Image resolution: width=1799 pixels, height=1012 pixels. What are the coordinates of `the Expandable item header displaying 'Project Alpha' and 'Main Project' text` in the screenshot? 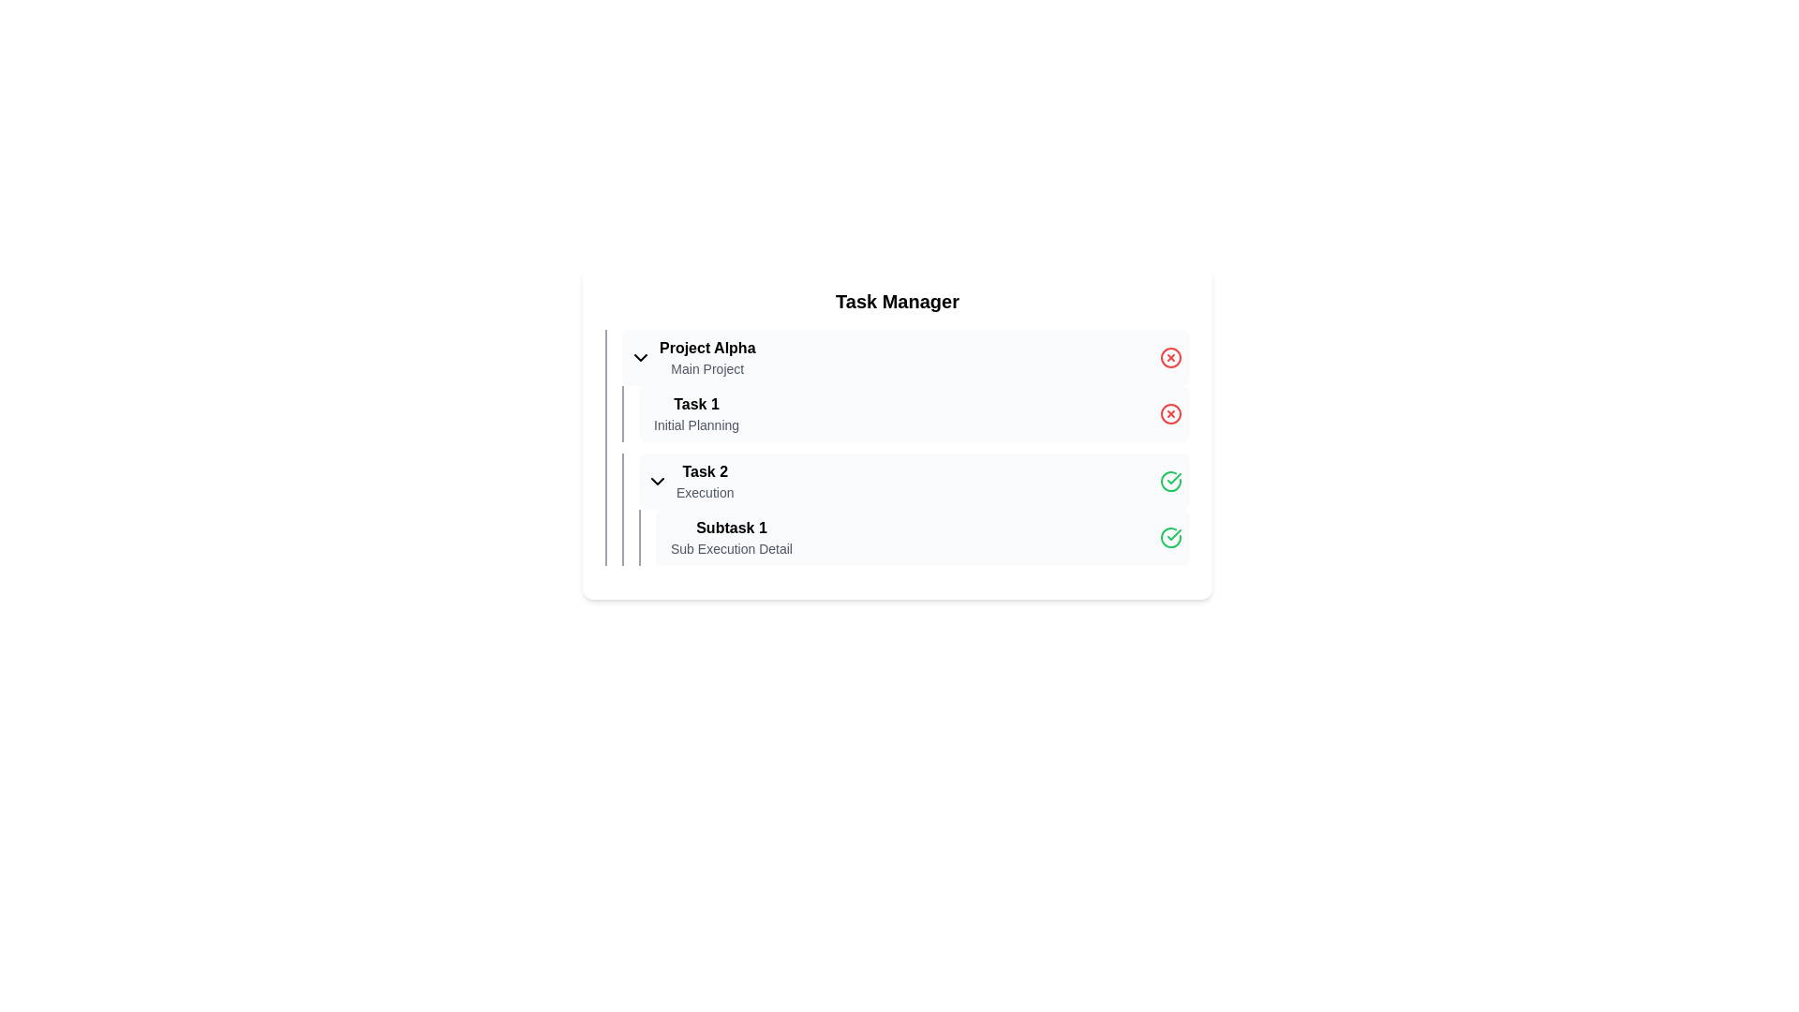 It's located at (691, 357).